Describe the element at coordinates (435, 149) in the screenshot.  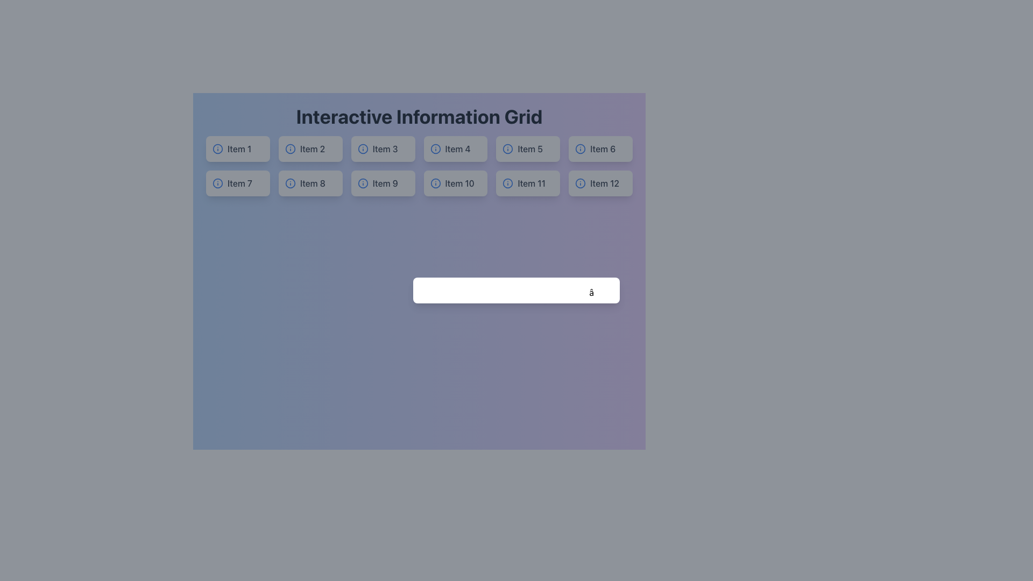
I see `the circular blue outlined icon with a centered 'i' representing an informational indicator, located to the left of the label text in the 'Item 4' tile, to trigger a tooltip` at that location.